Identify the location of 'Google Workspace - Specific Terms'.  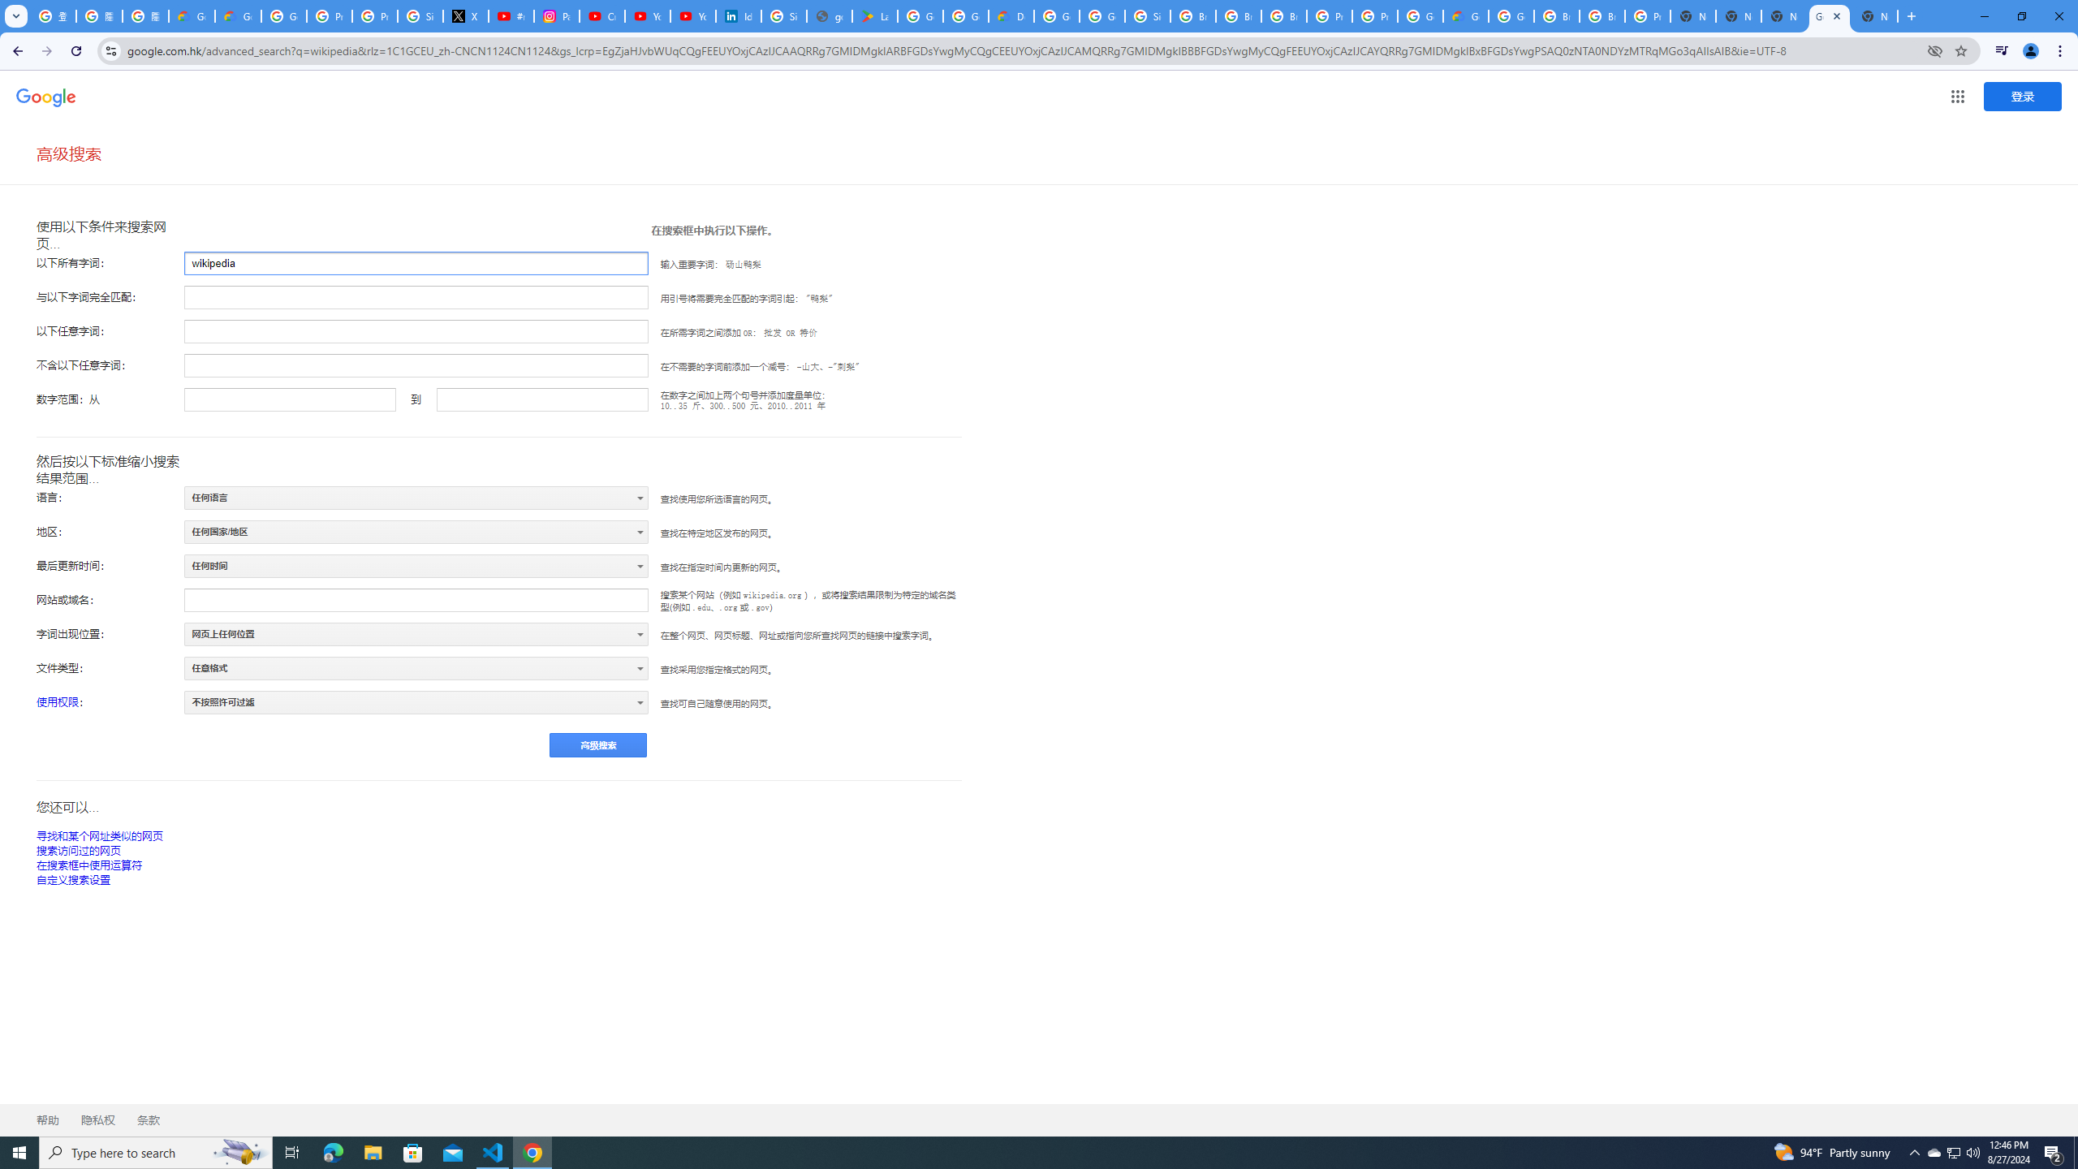
(965, 15).